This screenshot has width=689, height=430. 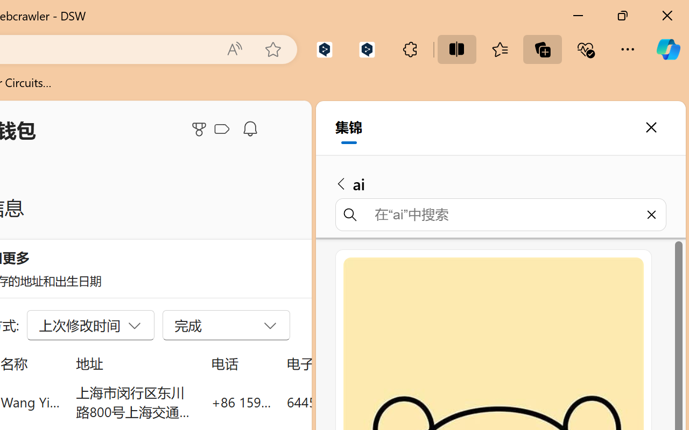 I want to click on '644553698@qq.com', so click(x=347, y=402).